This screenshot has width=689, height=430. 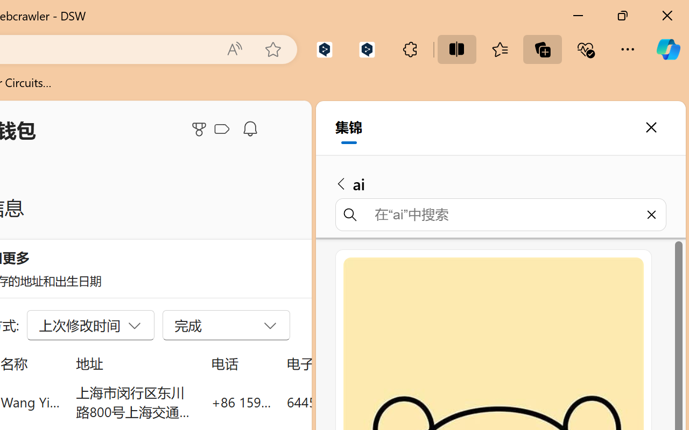 I want to click on '644553698@qq.com', so click(x=347, y=402).